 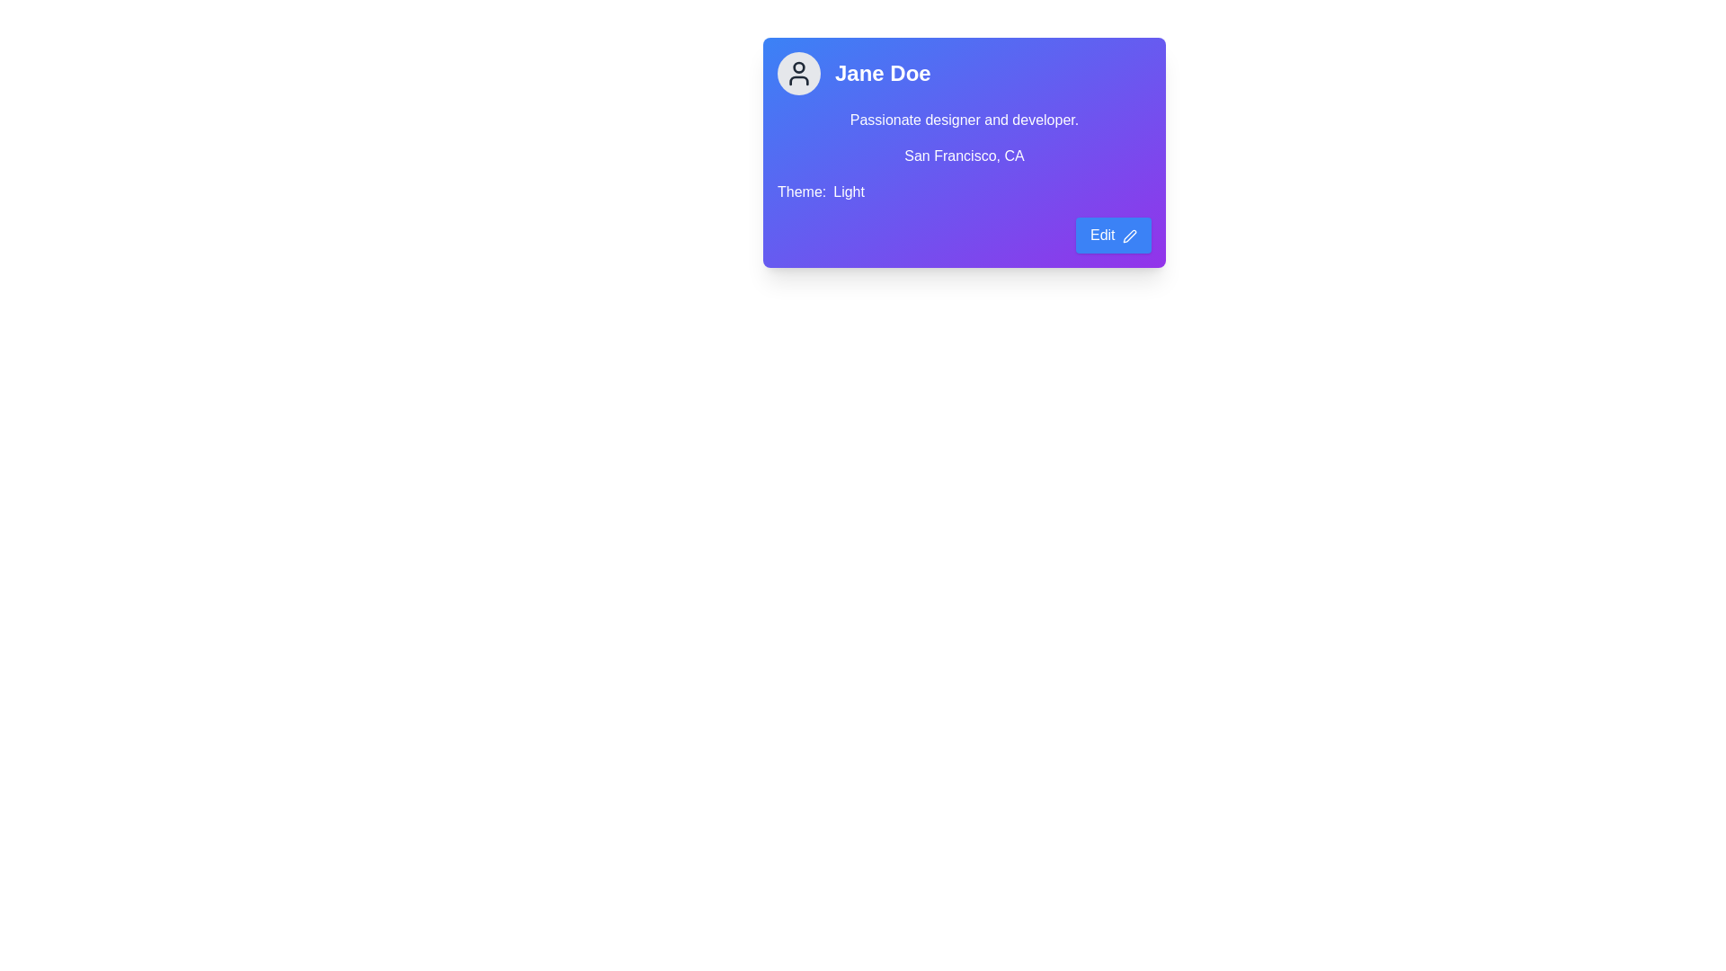 I want to click on the static text label displaying 'Theme:' in bold white font, which is part of a horizontal grouping with the text 'Light' on a vibrant gradient background, so click(x=801, y=192).